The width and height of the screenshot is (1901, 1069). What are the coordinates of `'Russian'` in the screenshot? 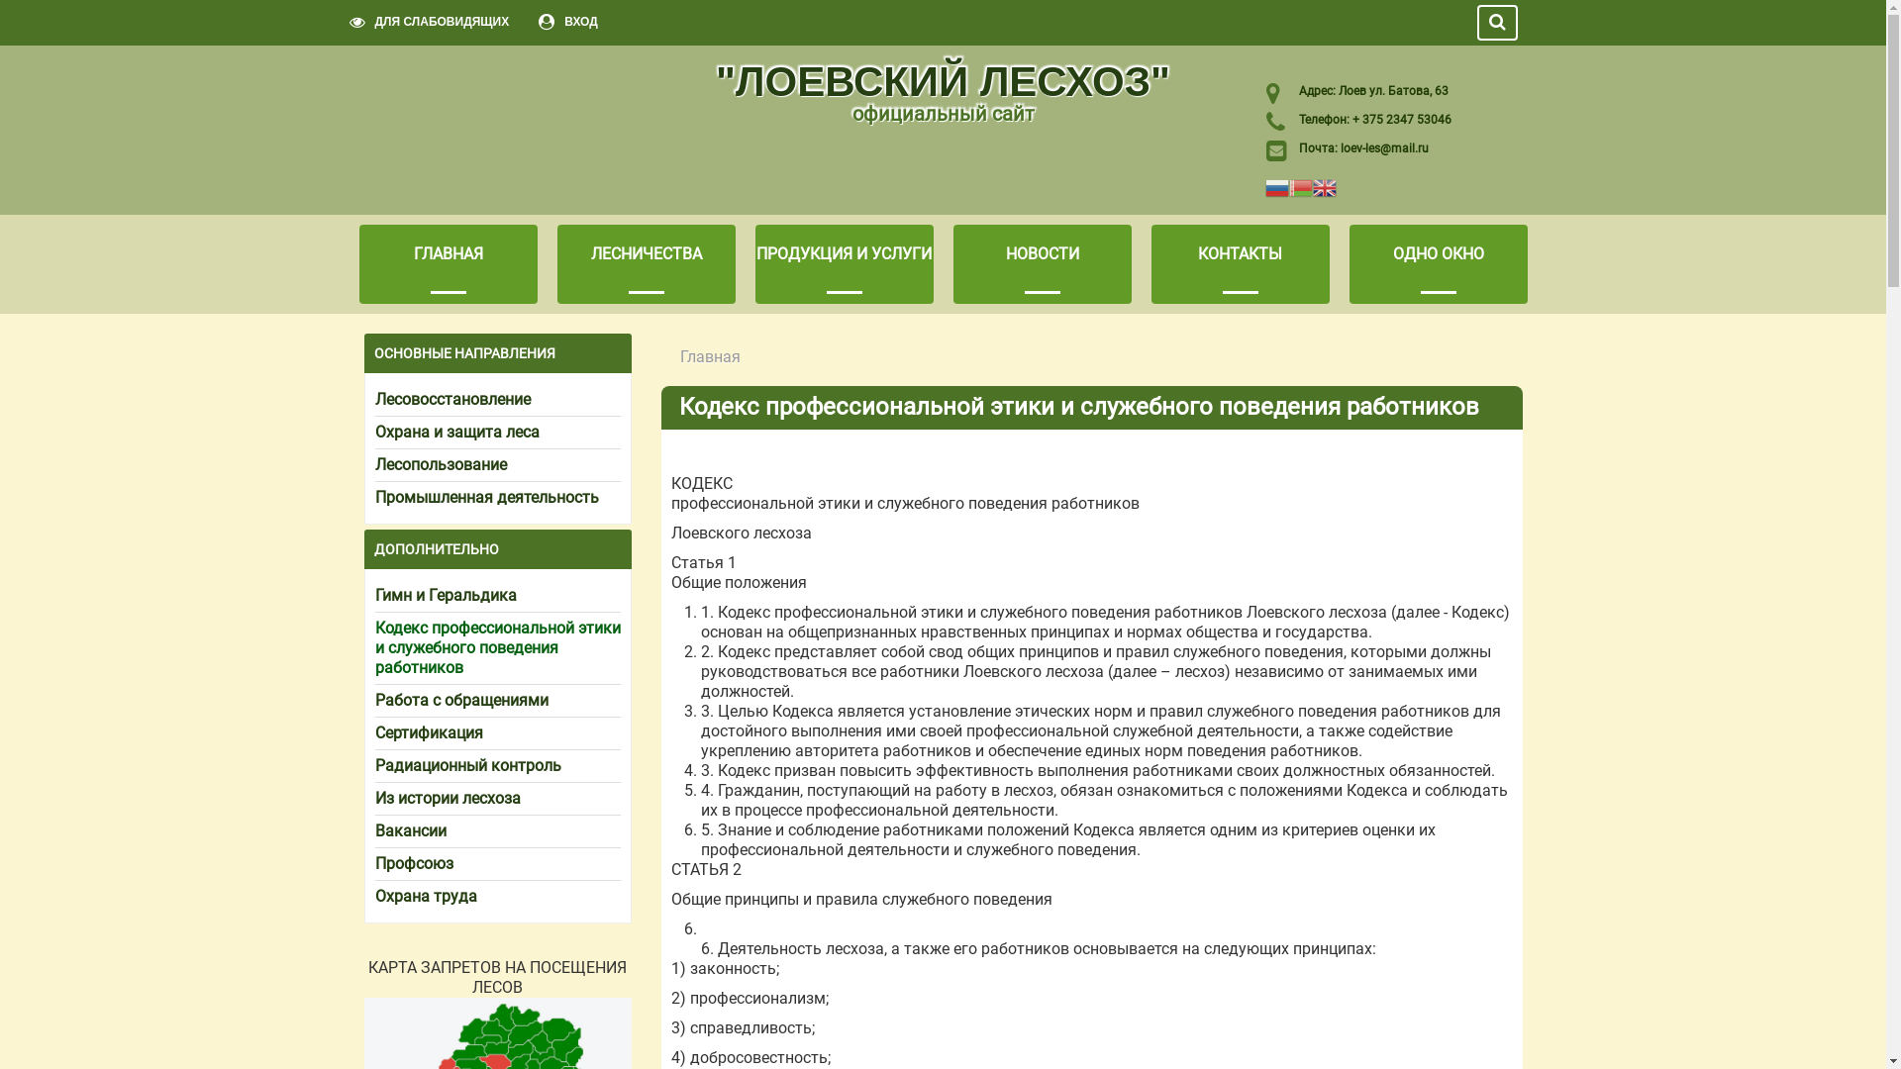 It's located at (1277, 186).